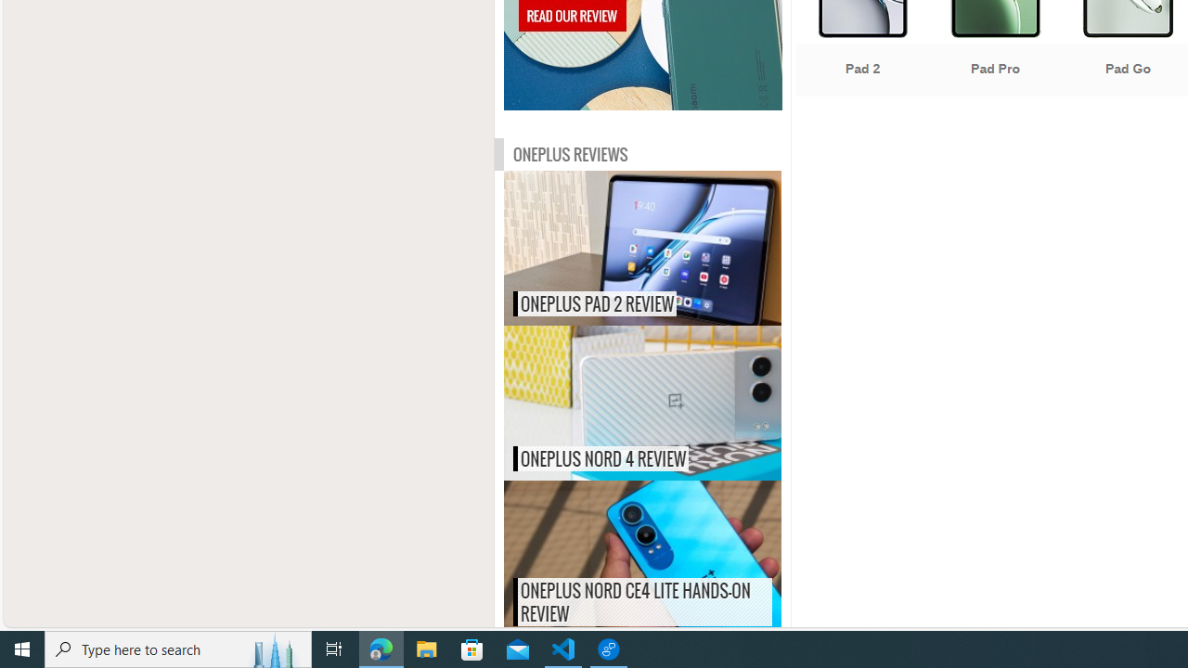 The image size is (1188, 668). Describe the element at coordinates (680, 247) in the screenshot. I see `'OnePlus Pad 2 review'` at that location.